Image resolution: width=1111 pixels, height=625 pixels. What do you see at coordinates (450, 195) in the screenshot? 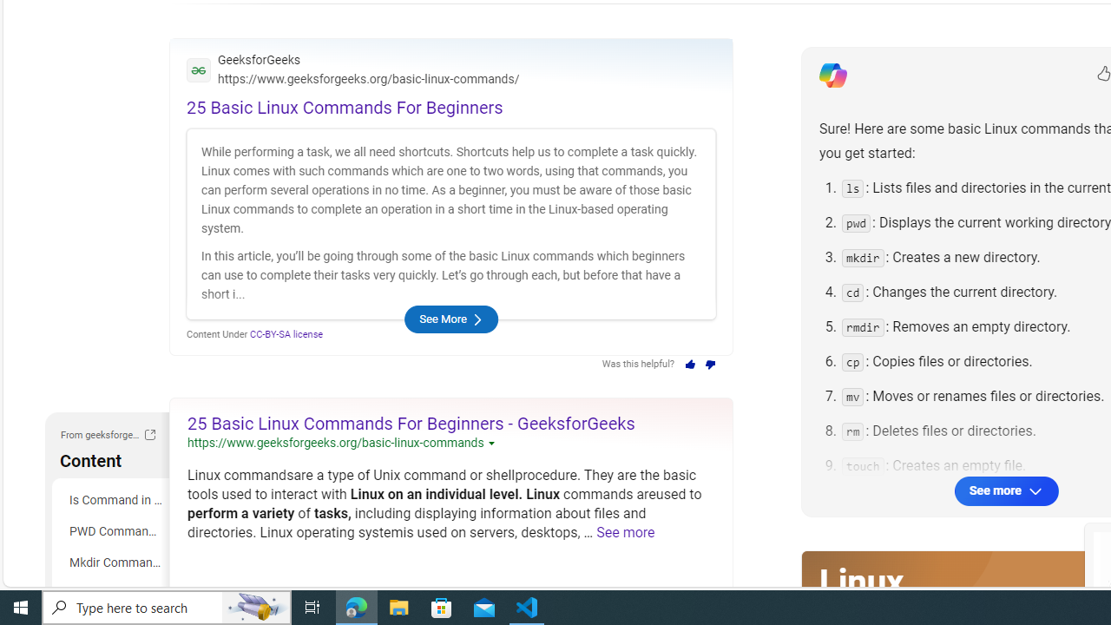
I see `'Class: b_ans b_top b_topborder'` at bounding box center [450, 195].